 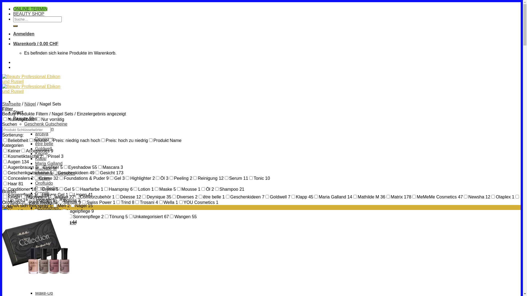 What do you see at coordinates (30, 9) in the screenshot?
I see `'ONLINE TERMIN'` at bounding box center [30, 9].